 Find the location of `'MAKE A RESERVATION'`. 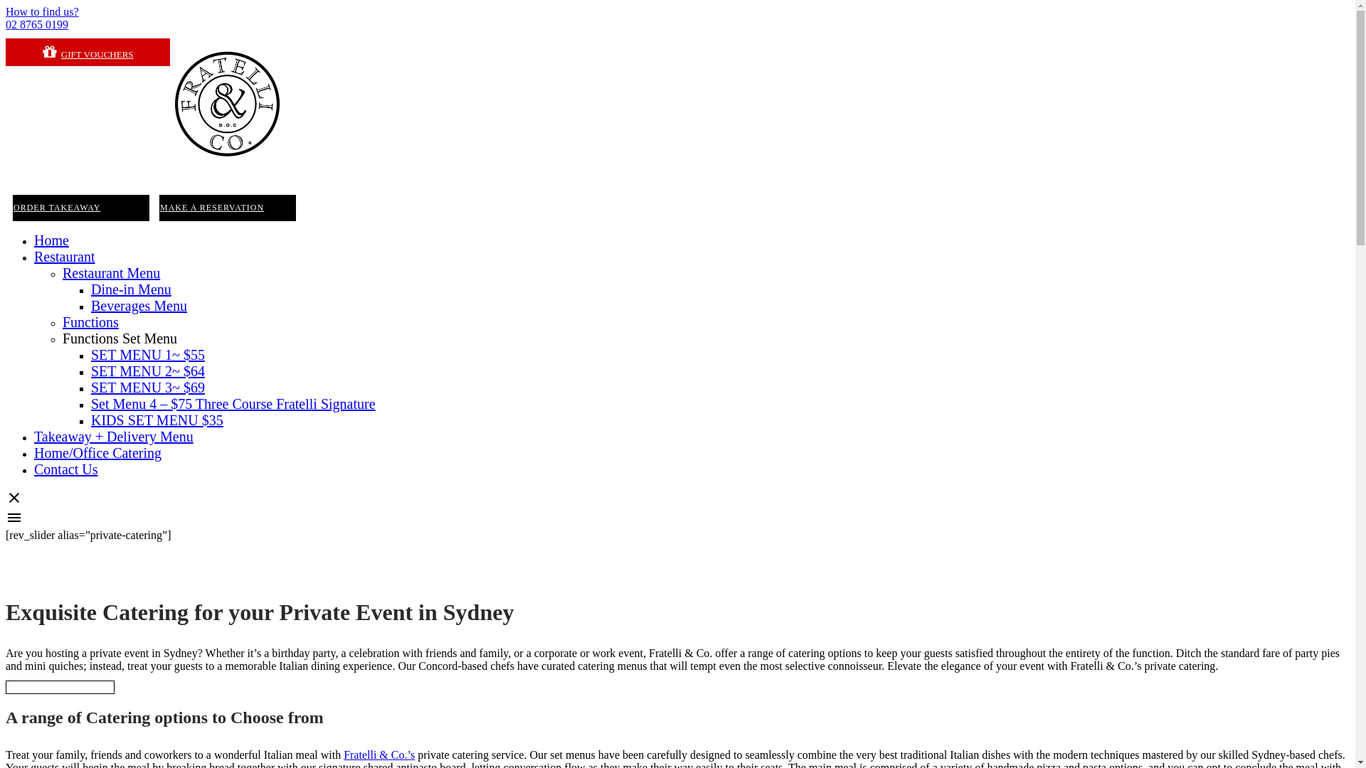

'MAKE A RESERVATION' is located at coordinates (228, 208).